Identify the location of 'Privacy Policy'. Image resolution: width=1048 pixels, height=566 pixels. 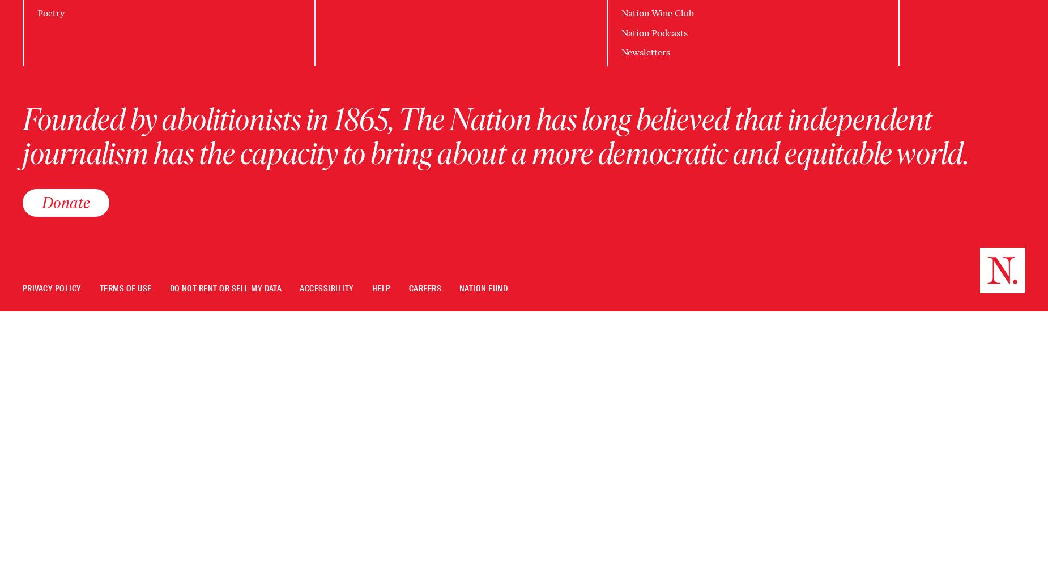
(22, 288).